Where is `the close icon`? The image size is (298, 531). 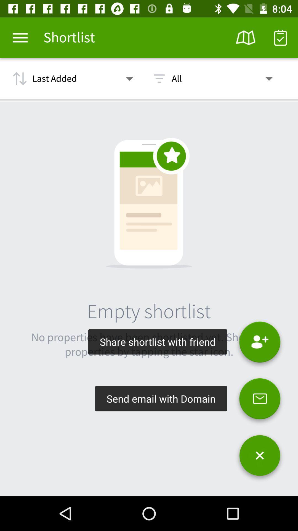
the close icon is located at coordinates (260, 457).